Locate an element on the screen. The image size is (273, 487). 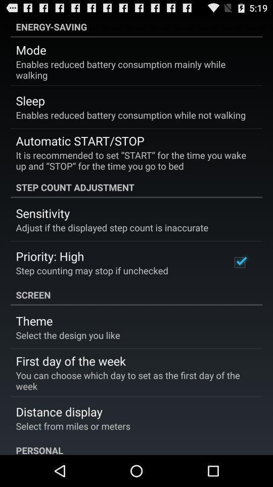
the sensitivity item is located at coordinates (42, 213).